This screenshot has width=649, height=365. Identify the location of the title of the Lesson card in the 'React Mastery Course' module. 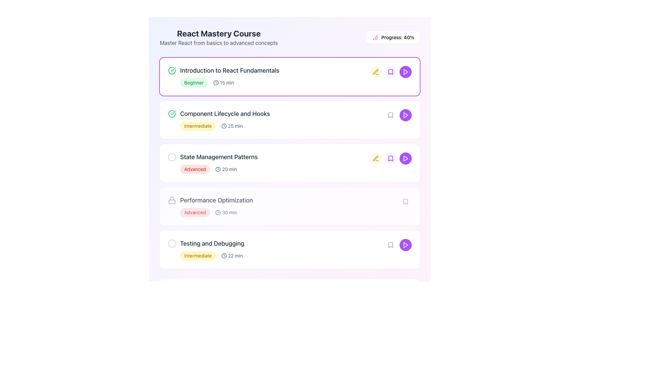
(290, 76).